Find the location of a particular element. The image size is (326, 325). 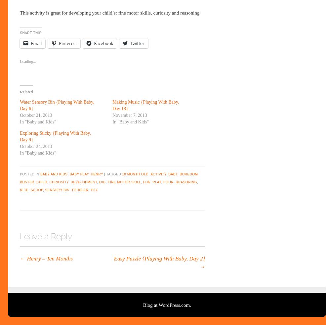

'scoop' is located at coordinates (37, 190).